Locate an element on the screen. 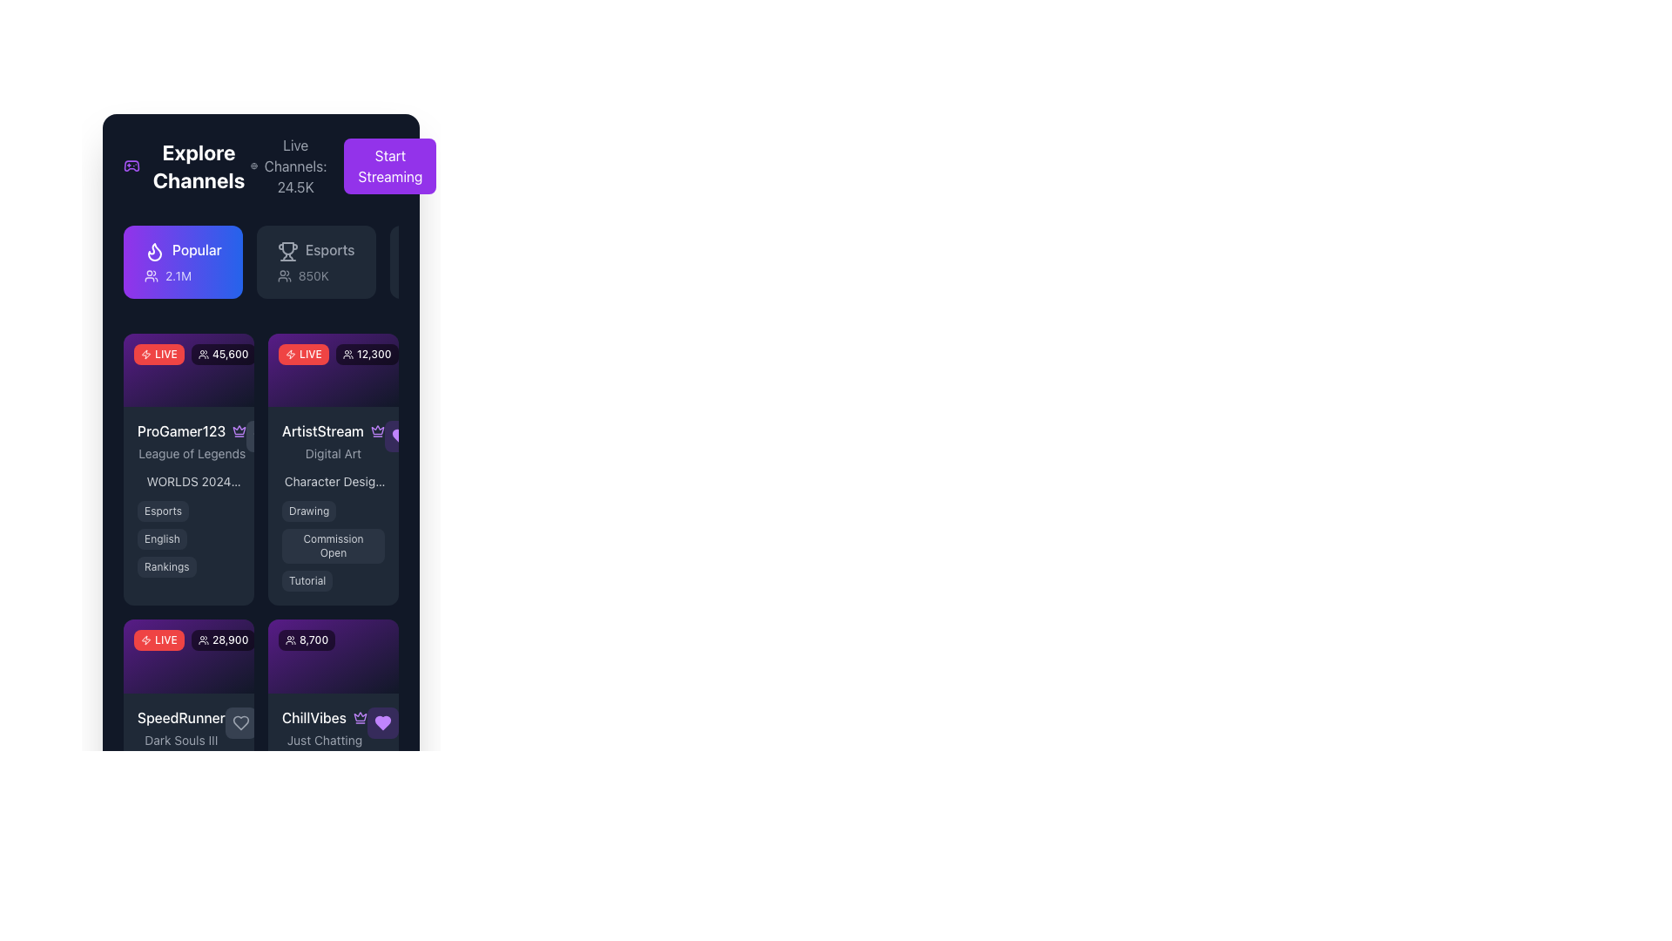  the label element representing 'ChillVibesJust Chatting' located in the second row and second column of the content grid is located at coordinates (325, 717).